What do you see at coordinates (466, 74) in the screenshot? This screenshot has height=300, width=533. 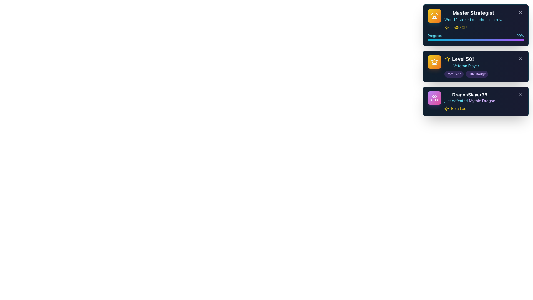 I see `the content of the Badge Group located in the 'Level 50!' section, below the 'Veteran Player' text` at bounding box center [466, 74].